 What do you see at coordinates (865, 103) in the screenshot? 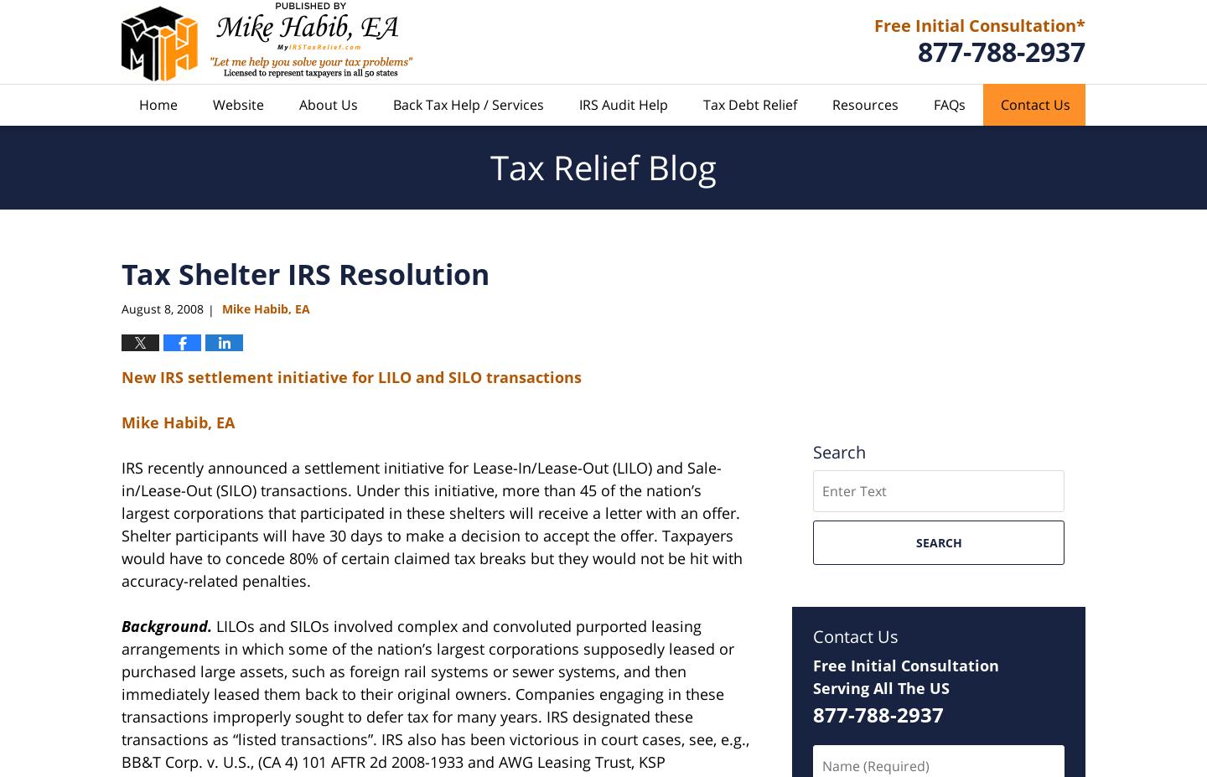
I see `'Resources'` at bounding box center [865, 103].